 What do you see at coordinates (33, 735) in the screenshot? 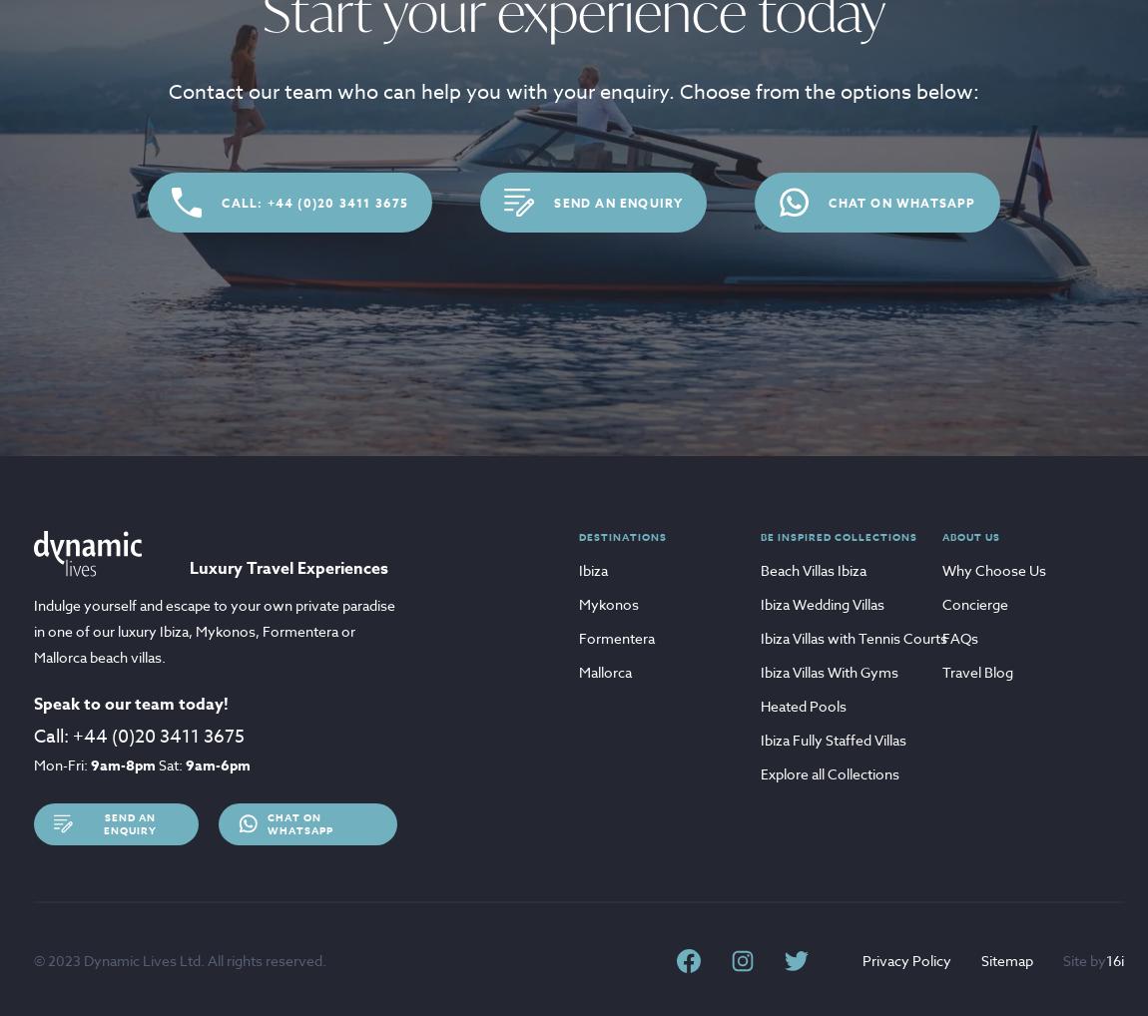
I see `'Call:'` at bounding box center [33, 735].